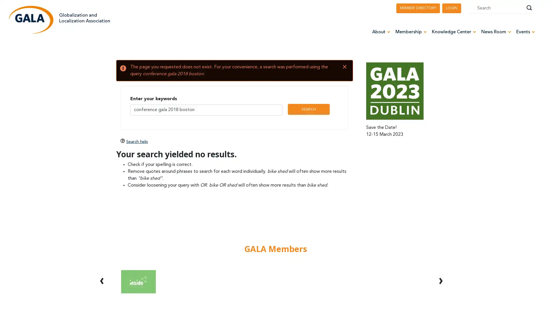  What do you see at coordinates (344, 67) in the screenshot?
I see `Close` at bounding box center [344, 67].